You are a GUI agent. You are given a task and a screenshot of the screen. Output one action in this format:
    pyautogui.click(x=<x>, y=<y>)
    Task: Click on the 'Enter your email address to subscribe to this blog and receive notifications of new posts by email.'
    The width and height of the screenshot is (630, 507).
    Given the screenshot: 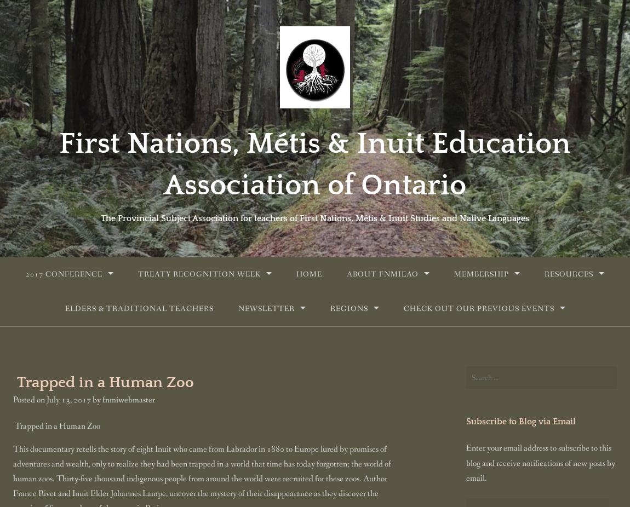 What is the action you would take?
    pyautogui.click(x=540, y=463)
    